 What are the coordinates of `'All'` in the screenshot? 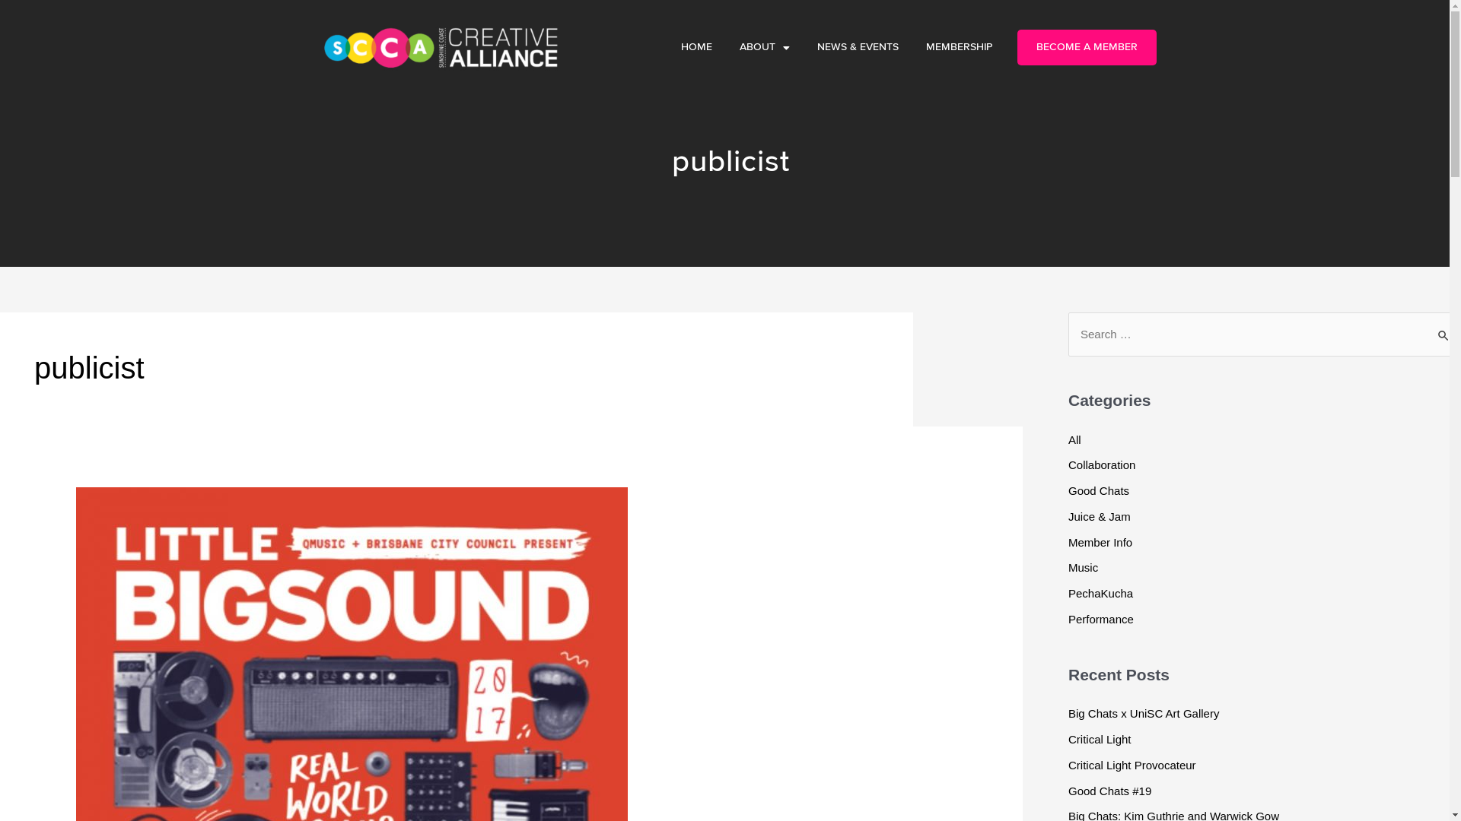 It's located at (1074, 439).